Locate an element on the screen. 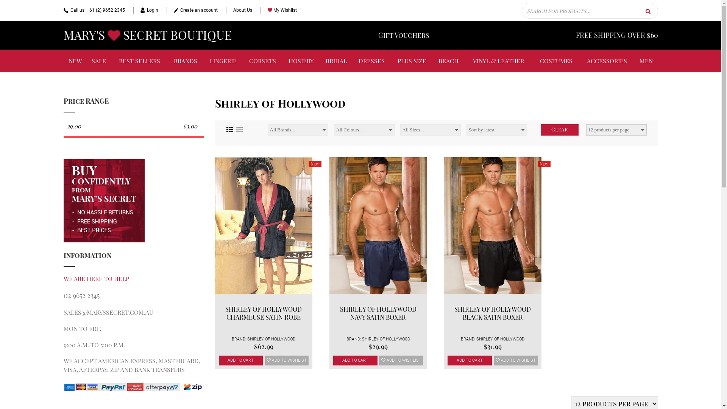 The height and width of the screenshot is (409, 727). 'My Wishlist' is located at coordinates (278, 10).